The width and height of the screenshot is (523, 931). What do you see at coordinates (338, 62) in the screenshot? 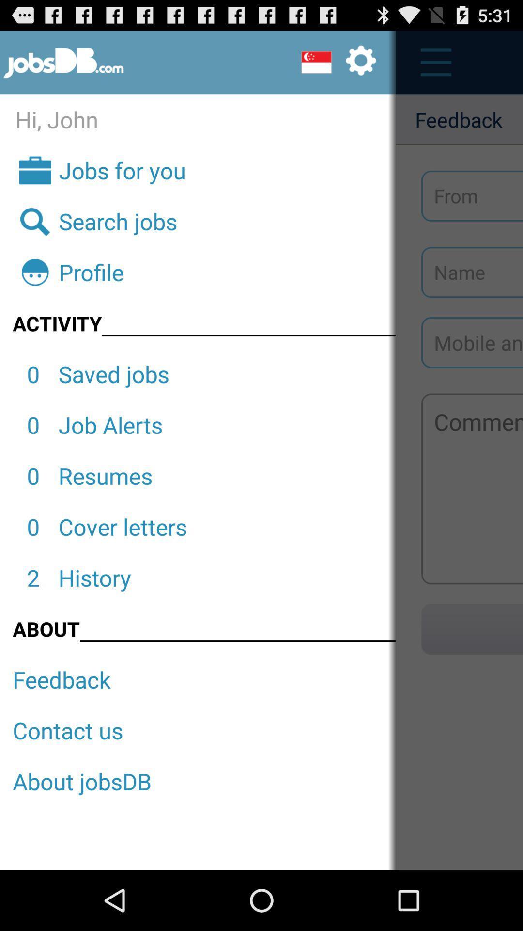
I see `country options` at bounding box center [338, 62].